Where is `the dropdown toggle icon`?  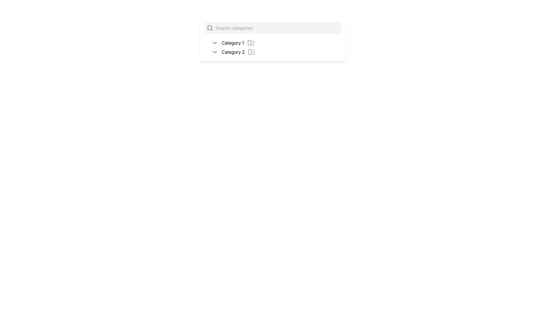
the dropdown toggle icon is located at coordinates (214, 52).